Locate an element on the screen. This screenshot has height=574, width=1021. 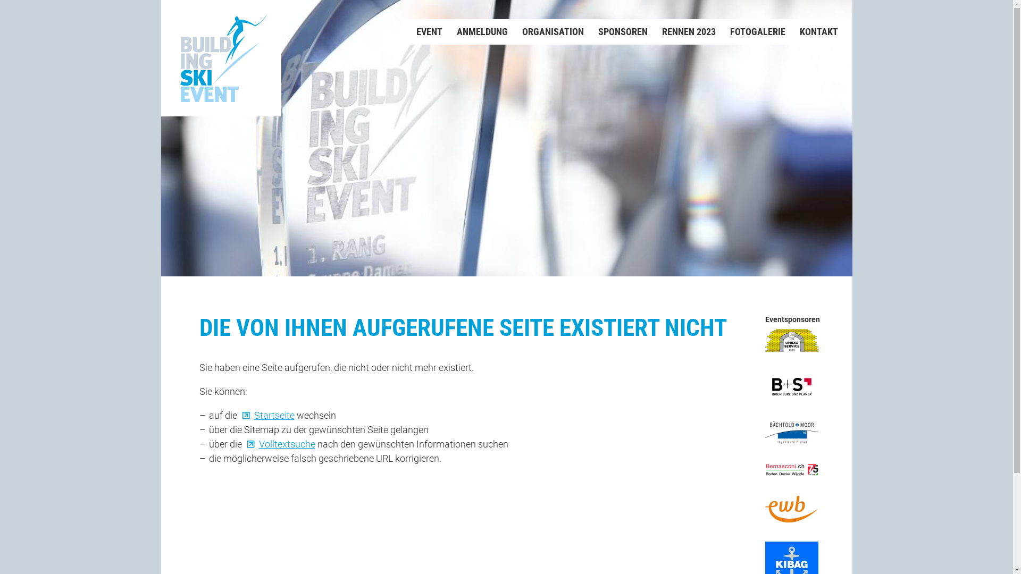
'Startseite' is located at coordinates (239, 414).